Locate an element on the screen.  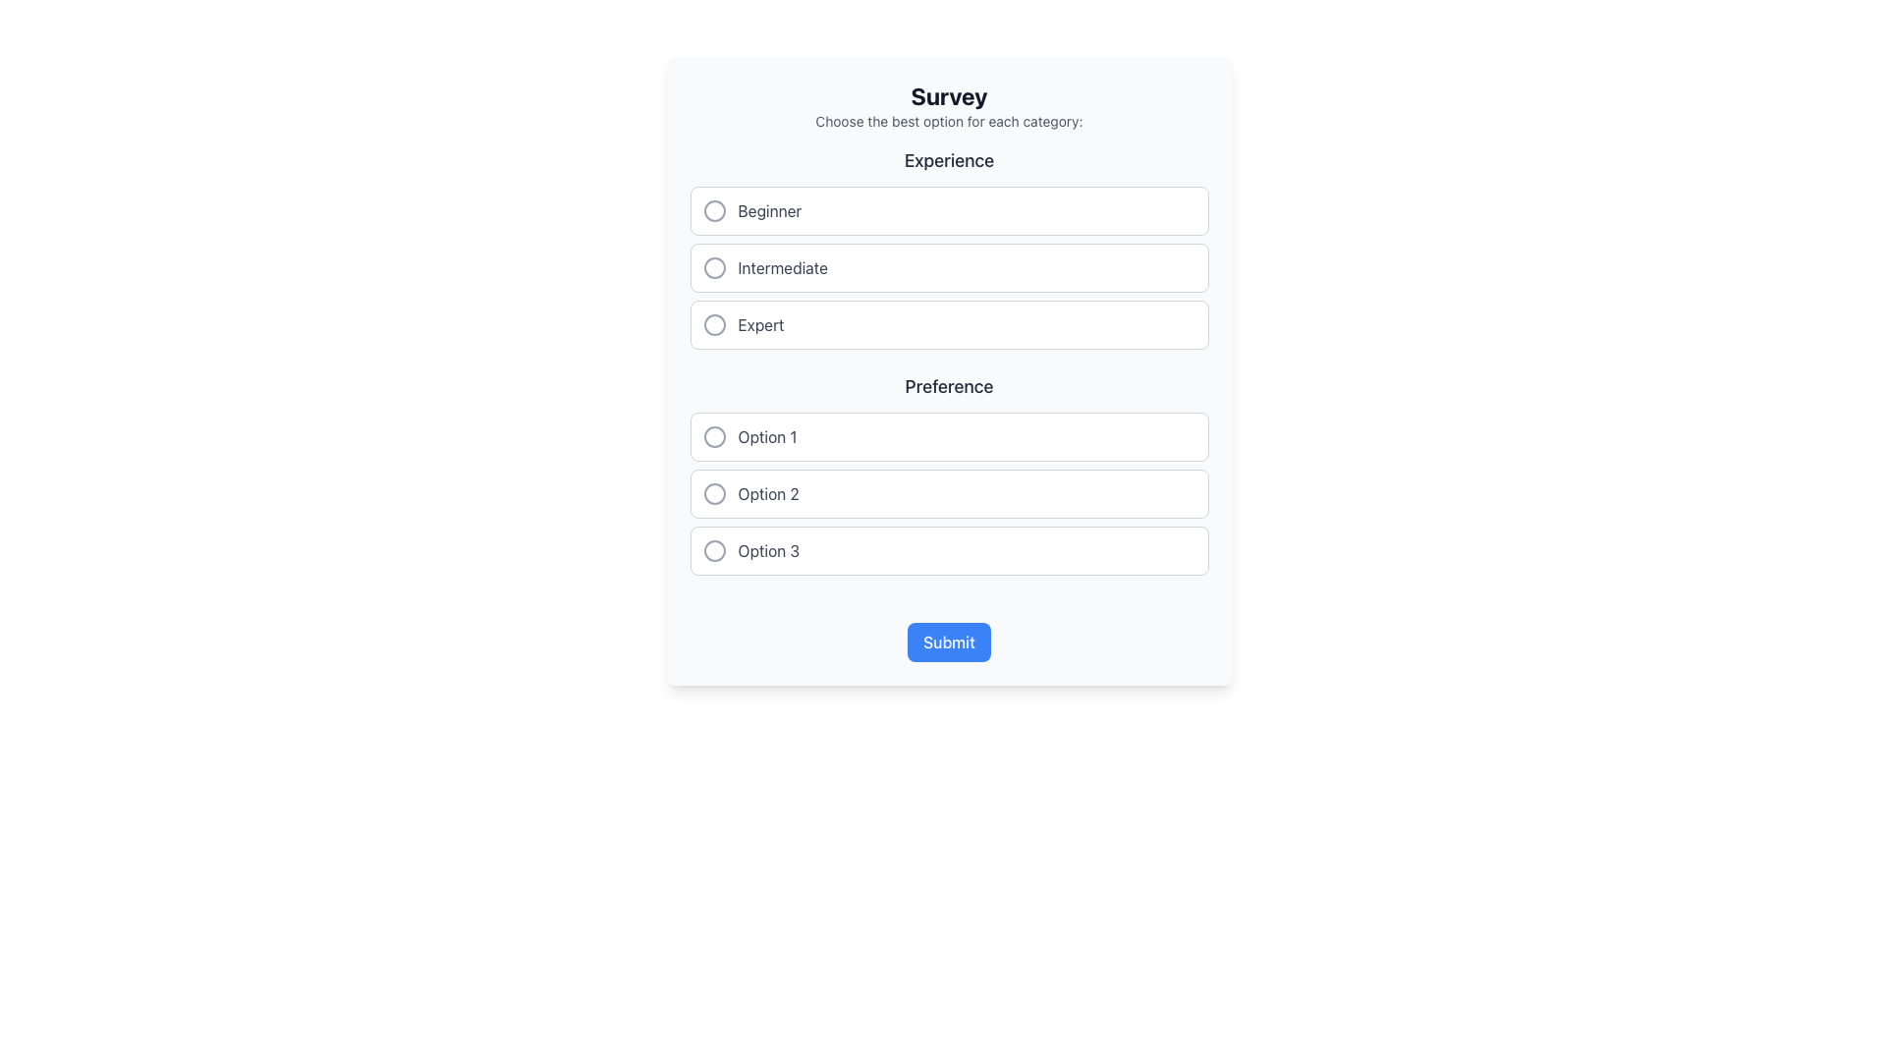
the Circle SVG element of the second radio button labeled 'Option 2' is located at coordinates (713, 492).